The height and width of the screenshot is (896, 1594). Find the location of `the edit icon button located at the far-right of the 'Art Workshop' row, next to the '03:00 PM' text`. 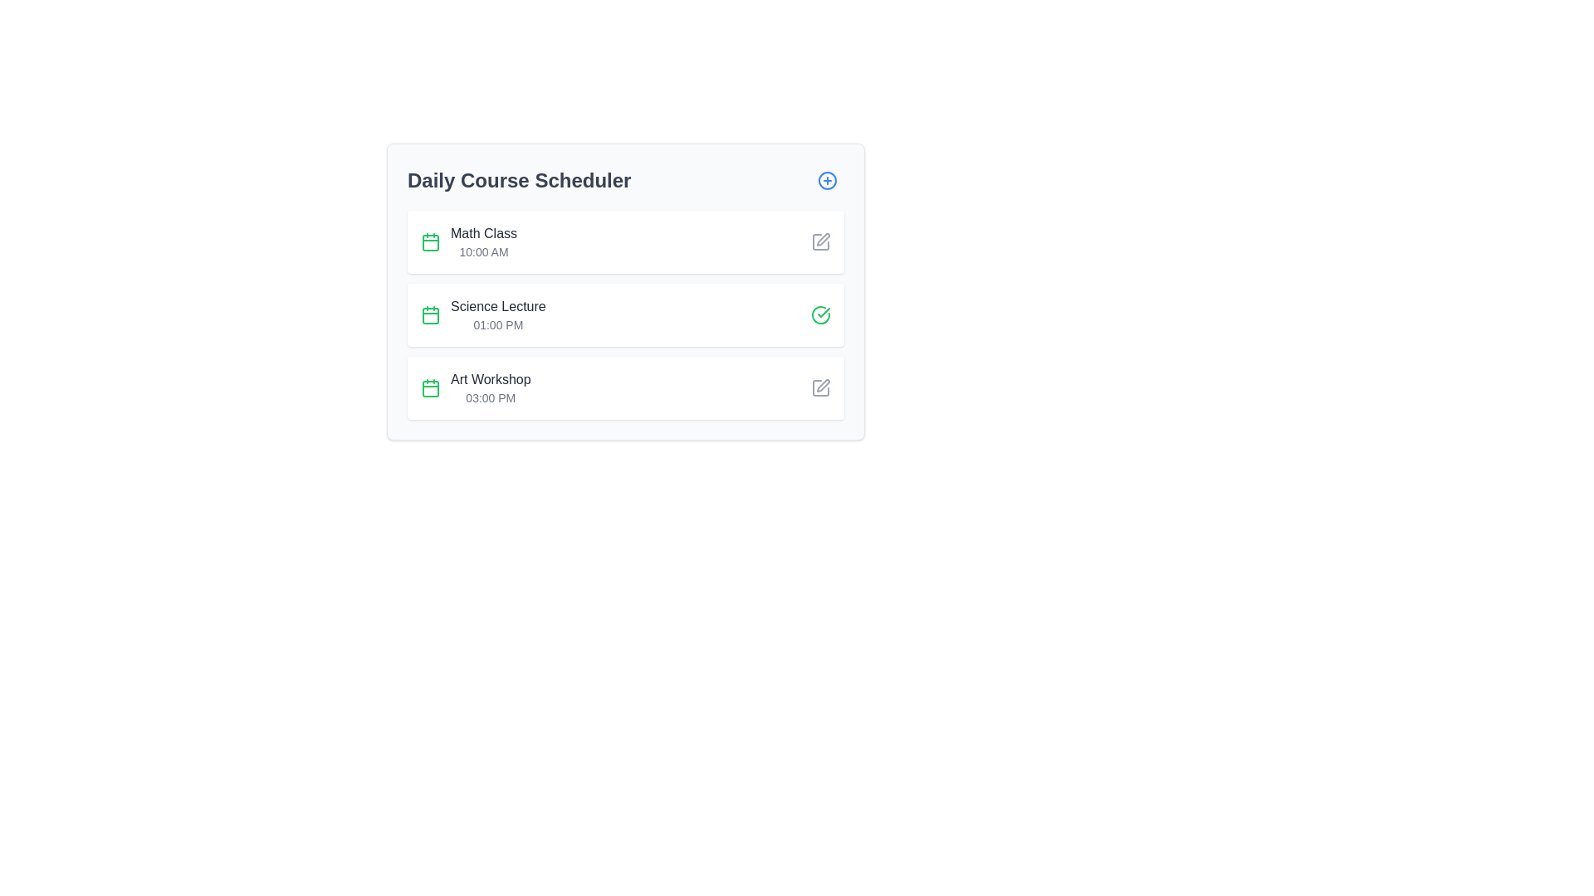

the edit icon button located at the far-right of the 'Art Workshop' row, next to the '03:00 PM' text is located at coordinates (820, 387).